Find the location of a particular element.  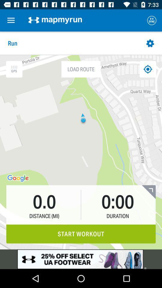

expand the item is located at coordinates (148, 192).